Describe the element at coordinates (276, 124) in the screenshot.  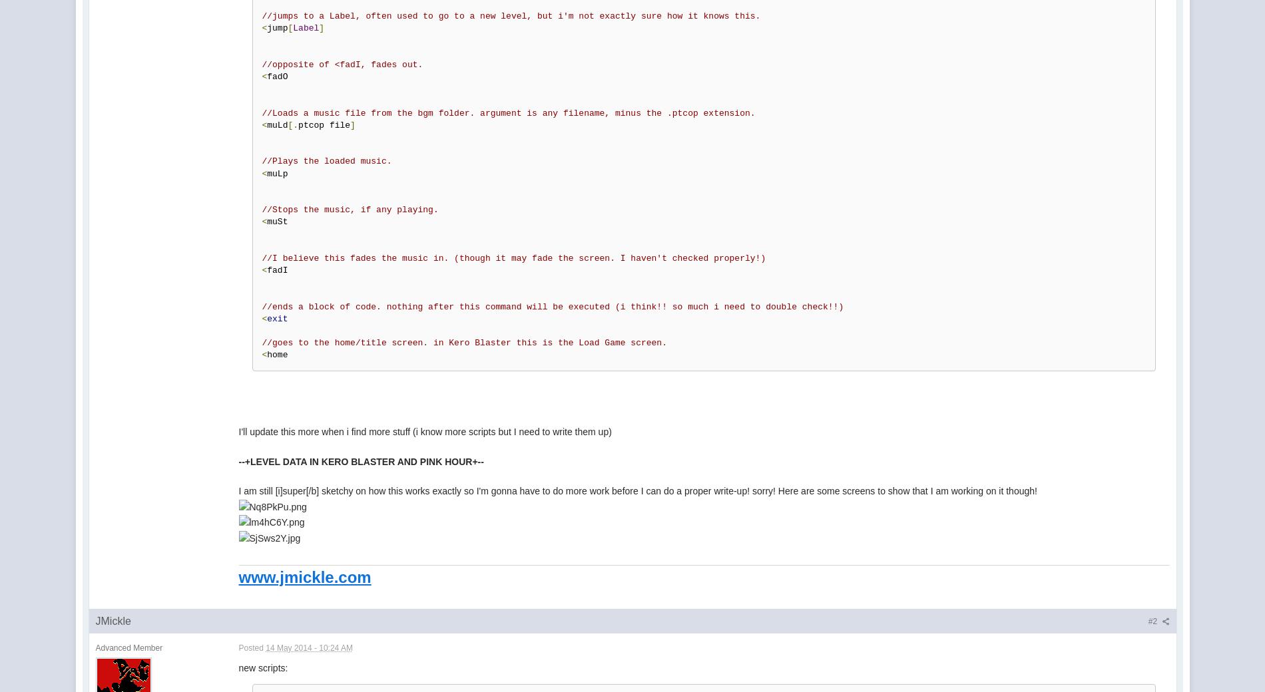
I see `'muLd'` at that location.